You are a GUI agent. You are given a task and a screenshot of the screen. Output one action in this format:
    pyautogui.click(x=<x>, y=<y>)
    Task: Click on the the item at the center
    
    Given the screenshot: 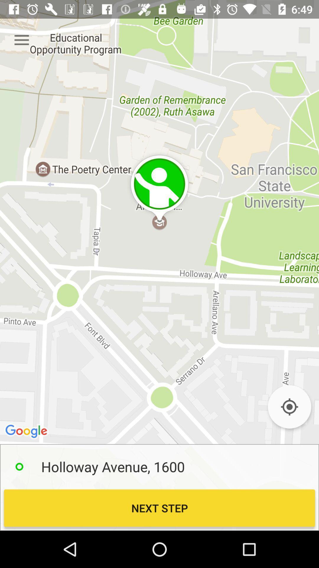 What is the action you would take?
    pyautogui.click(x=159, y=265)
    